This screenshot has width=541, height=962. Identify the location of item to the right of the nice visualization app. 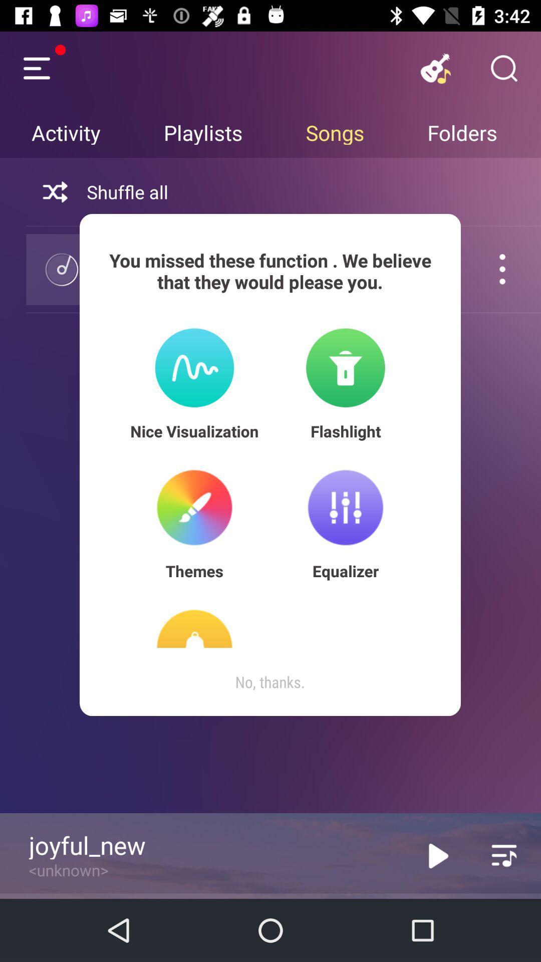
(345, 431).